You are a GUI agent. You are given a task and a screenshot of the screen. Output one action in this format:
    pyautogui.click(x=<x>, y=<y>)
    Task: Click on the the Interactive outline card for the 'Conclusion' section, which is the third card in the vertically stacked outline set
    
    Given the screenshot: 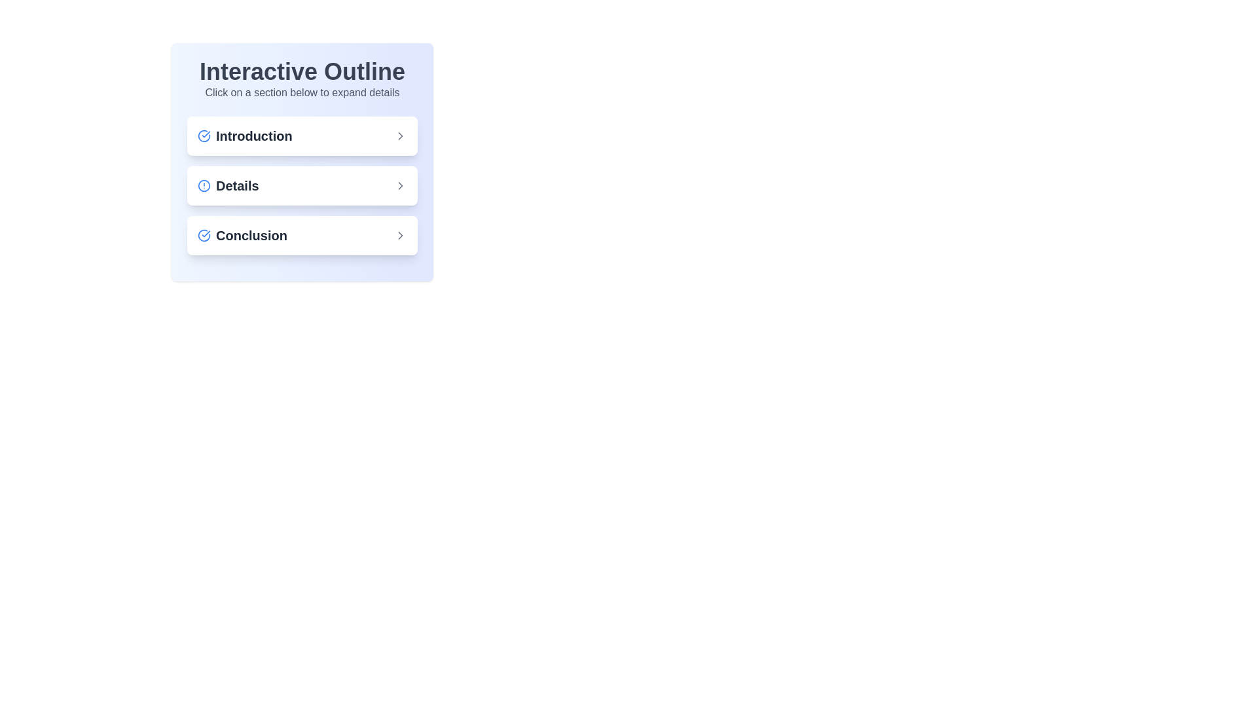 What is the action you would take?
    pyautogui.click(x=301, y=234)
    